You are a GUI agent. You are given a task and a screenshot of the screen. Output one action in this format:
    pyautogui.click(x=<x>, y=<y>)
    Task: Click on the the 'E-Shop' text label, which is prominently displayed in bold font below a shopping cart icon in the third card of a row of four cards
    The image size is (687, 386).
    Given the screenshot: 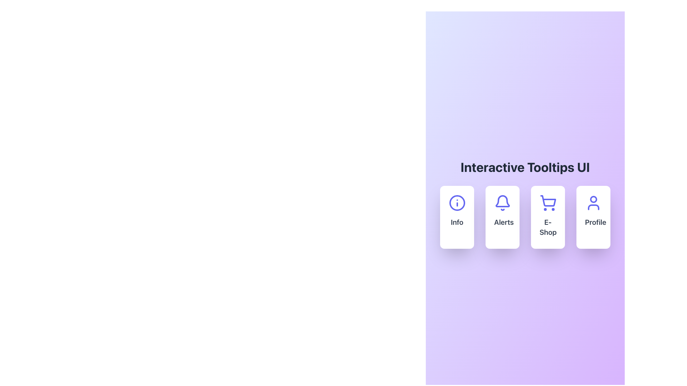 What is the action you would take?
    pyautogui.click(x=547, y=227)
    